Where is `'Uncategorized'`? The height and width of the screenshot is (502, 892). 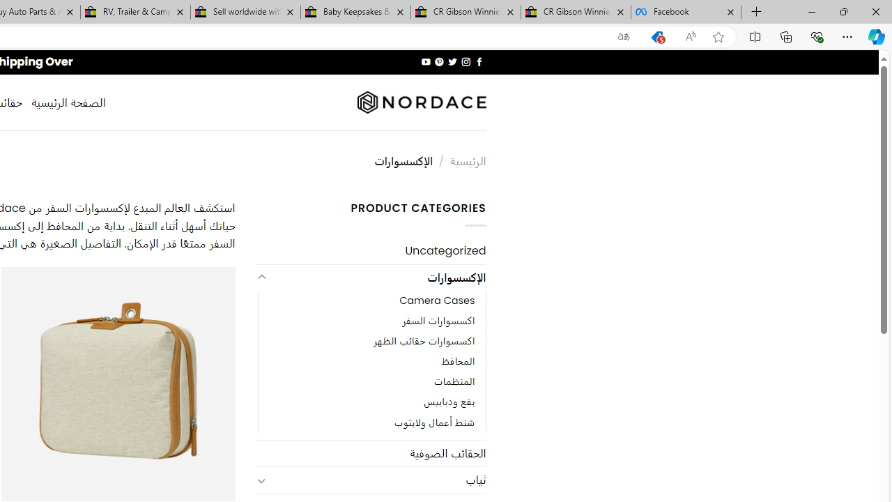
'Uncategorized' is located at coordinates (371, 251).